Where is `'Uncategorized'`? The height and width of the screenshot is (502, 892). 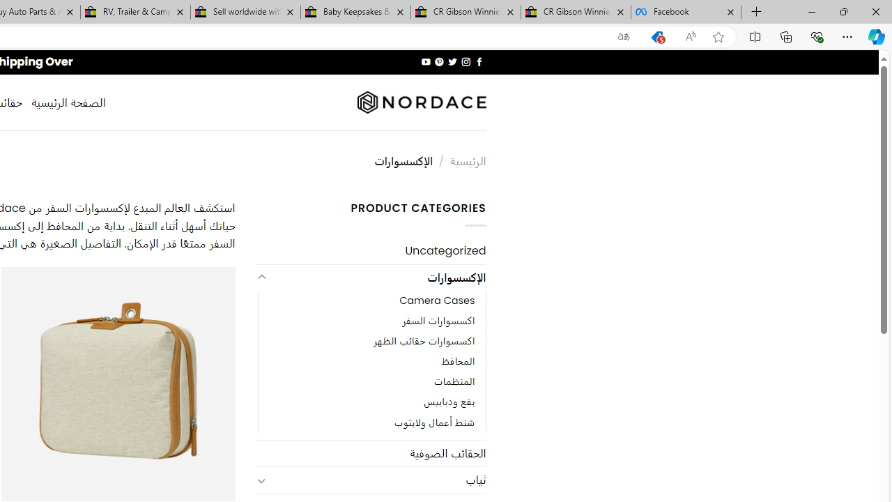
'Uncategorized' is located at coordinates (371, 251).